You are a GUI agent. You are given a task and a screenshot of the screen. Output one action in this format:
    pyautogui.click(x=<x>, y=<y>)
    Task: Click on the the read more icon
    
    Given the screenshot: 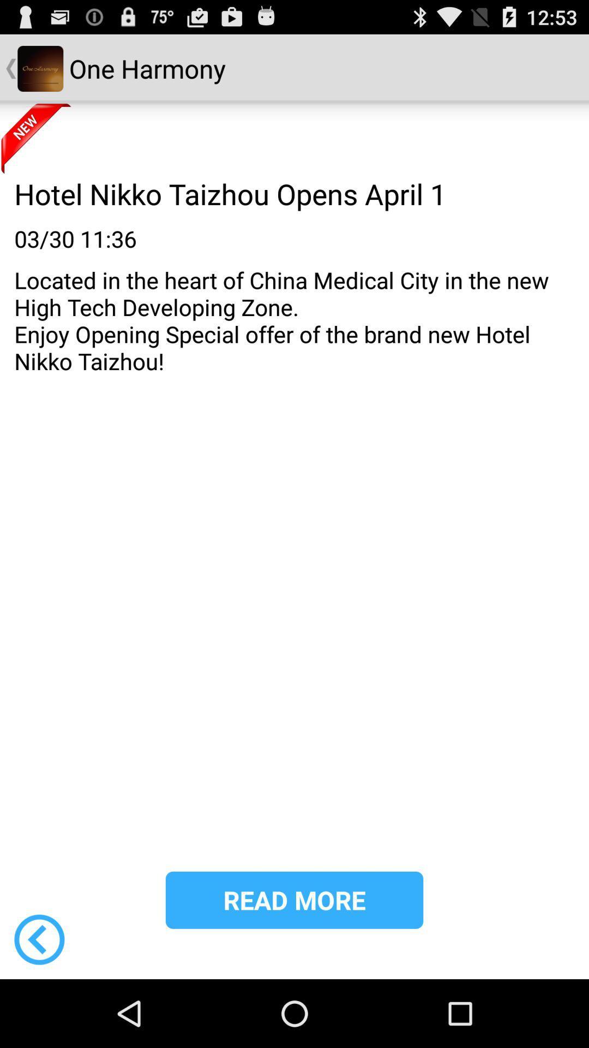 What is the action you would take?
    pyautogui.click(x=294, y=900)
    